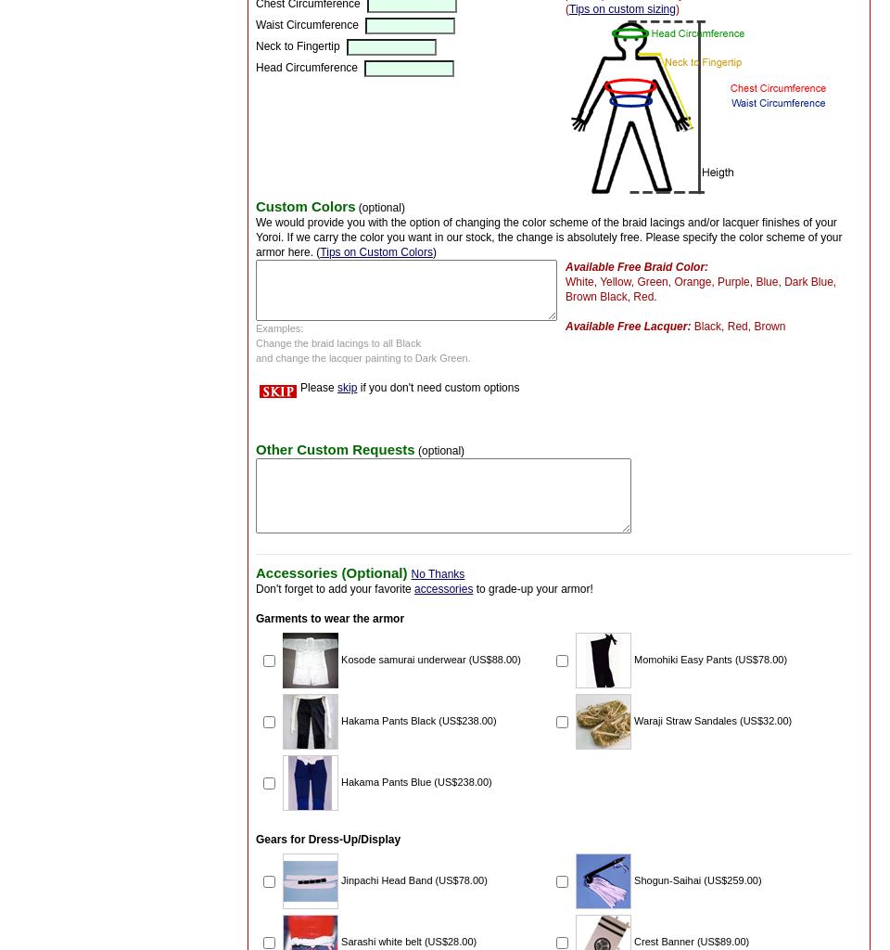  What do you see at coordinates (300, 385) in the screenshot?
I see `'Please'` at bounding box center [300, 385].